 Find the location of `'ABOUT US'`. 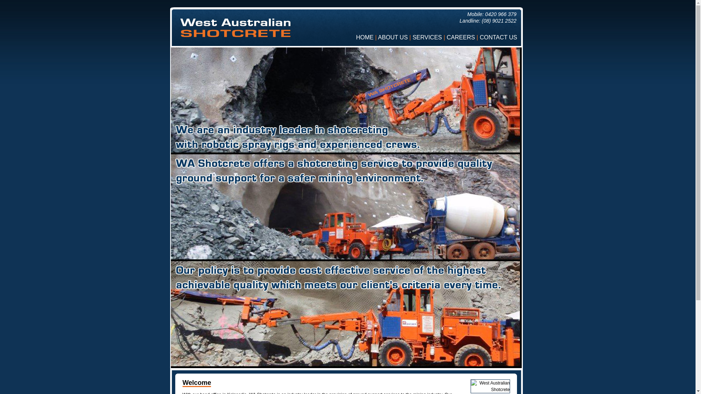

'ABOUT US' is located at coordinates (378, 37).